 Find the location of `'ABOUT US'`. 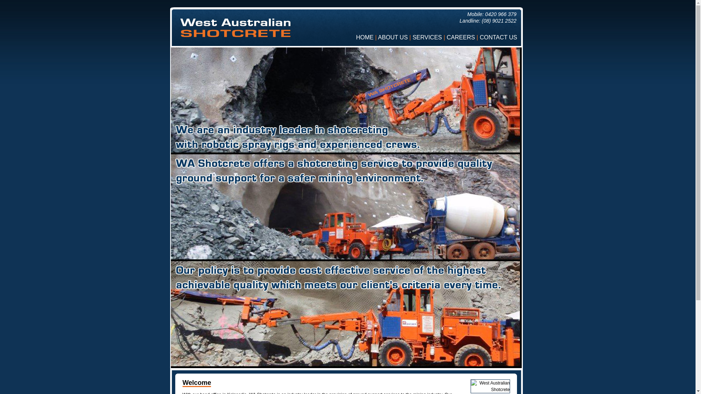

'ABOUT US' is located at coordinates (378, 37).